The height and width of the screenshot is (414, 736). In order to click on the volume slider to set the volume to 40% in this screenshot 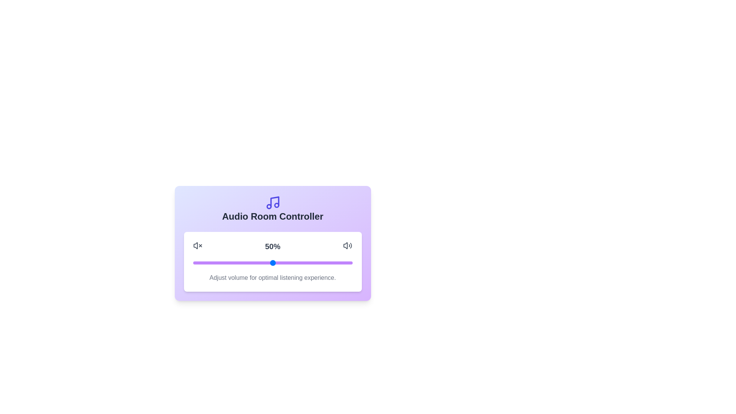, I will do `click(256, 263)`.